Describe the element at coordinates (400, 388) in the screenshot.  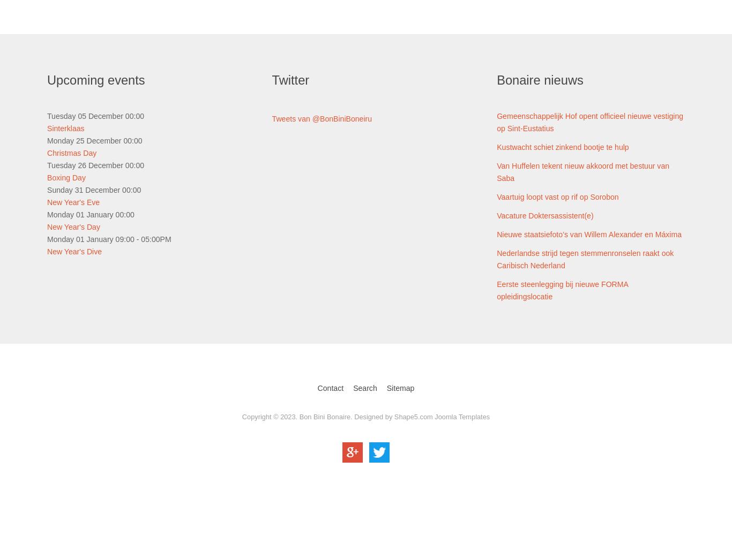
I see `'Sitemap'` at that location.